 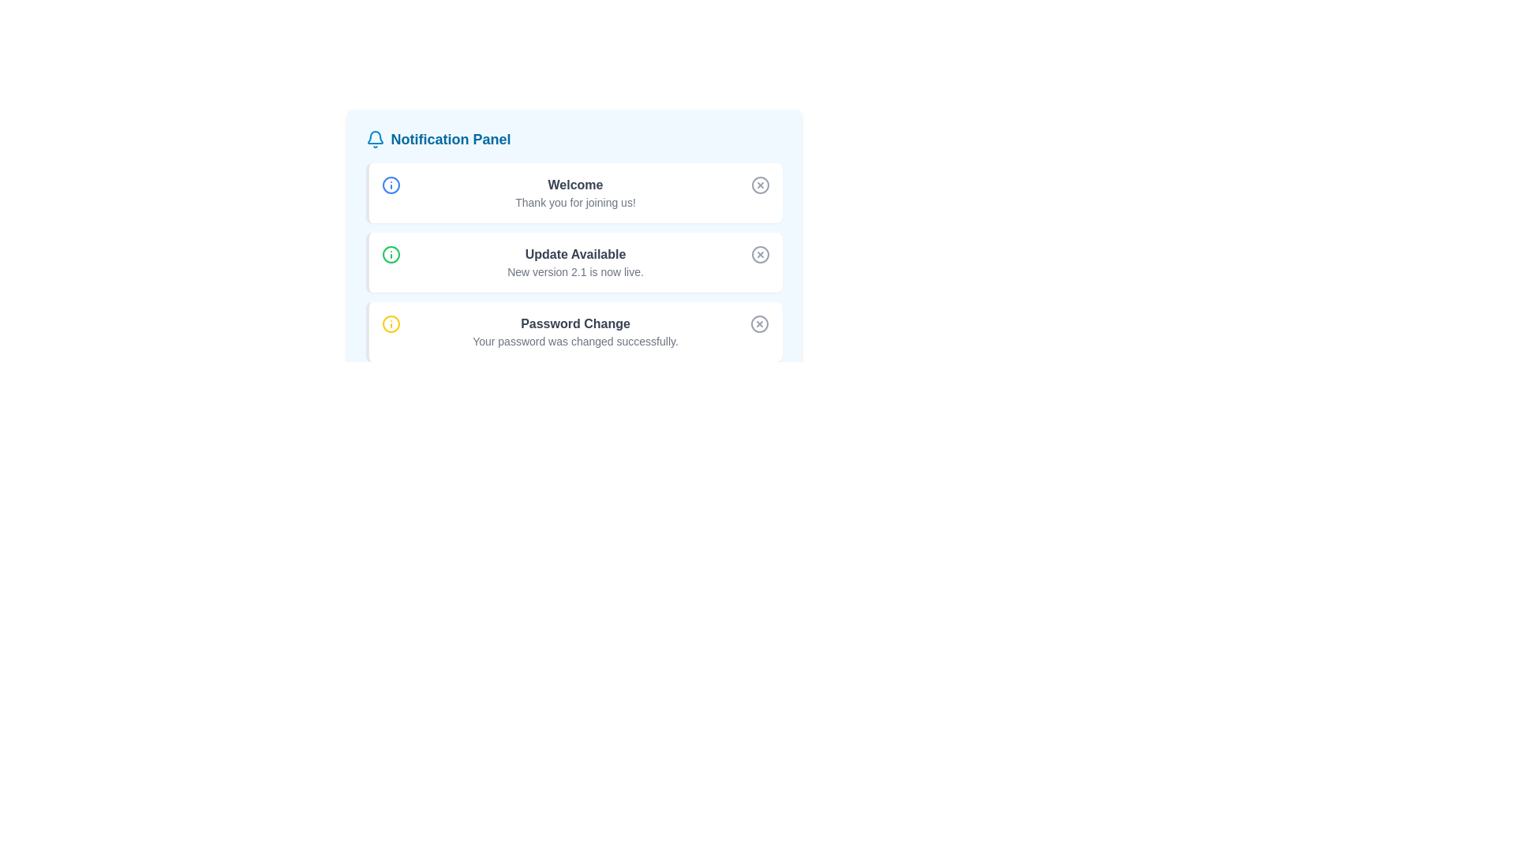 What do you see at coordinates (574, 254) in the screenshot?
I see `the static text element that reads 'Update Available', styled in bold dark gray font within the second notification card of the Notification Panel` at bounding box center [574, 254].